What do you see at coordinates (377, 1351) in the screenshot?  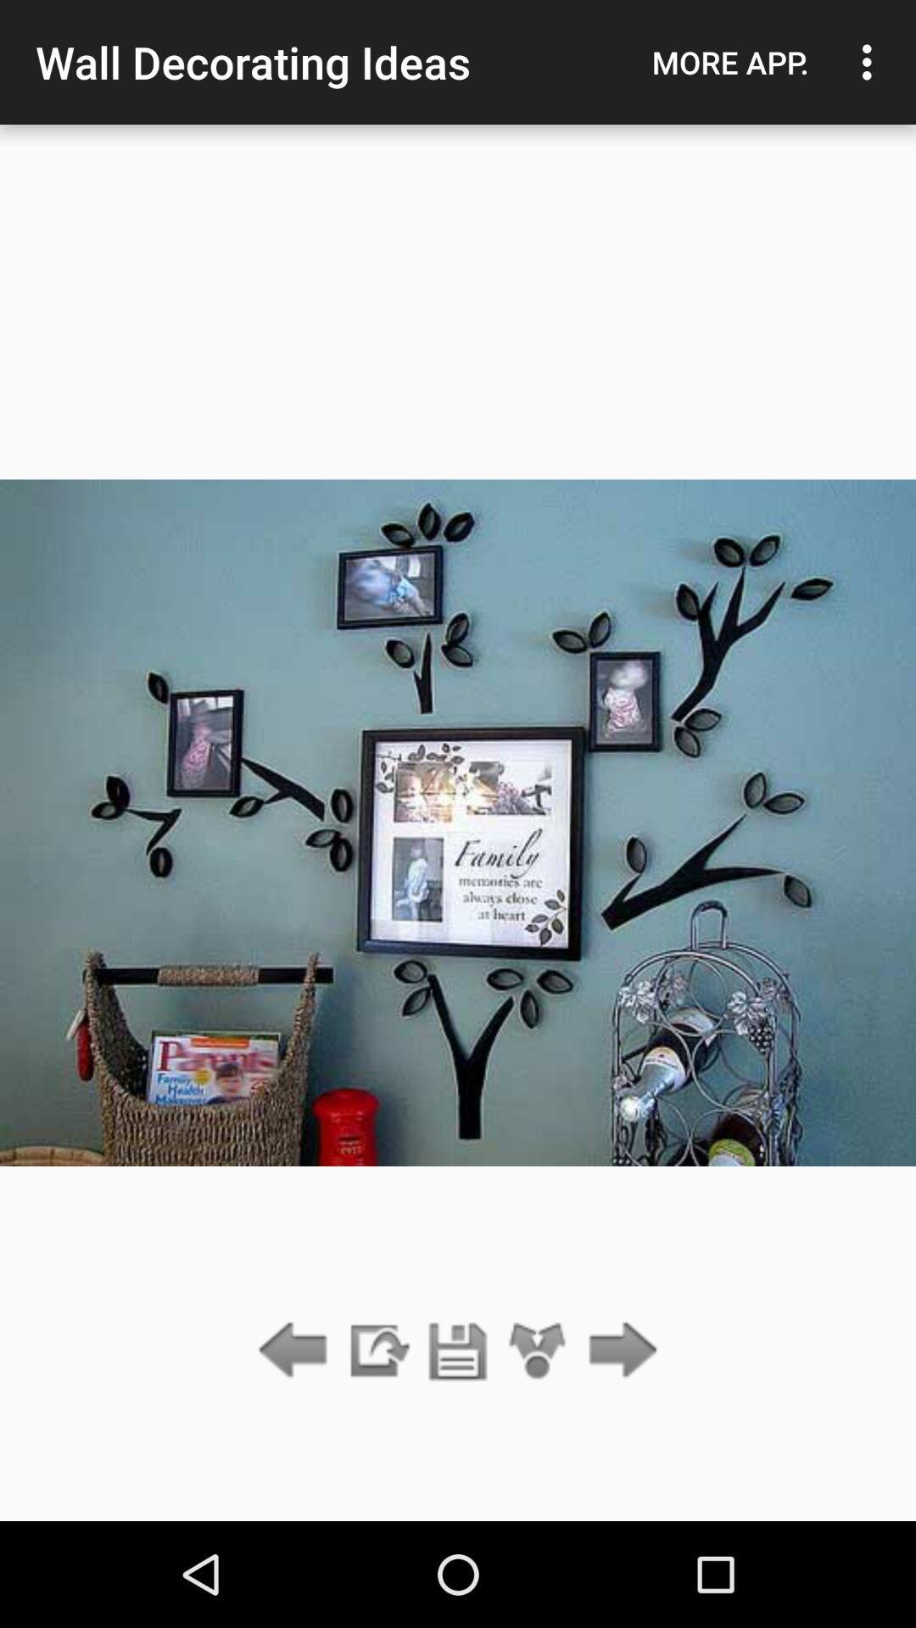 I see `the icon below the wall decorating ideas app` at bounding box center [377, 1351].